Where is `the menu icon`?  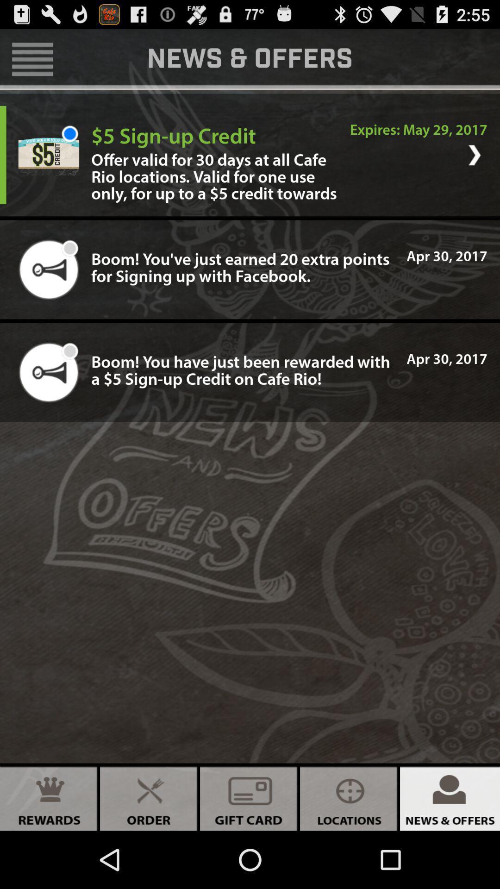 the menu icon is located at coordinates (32, 63).